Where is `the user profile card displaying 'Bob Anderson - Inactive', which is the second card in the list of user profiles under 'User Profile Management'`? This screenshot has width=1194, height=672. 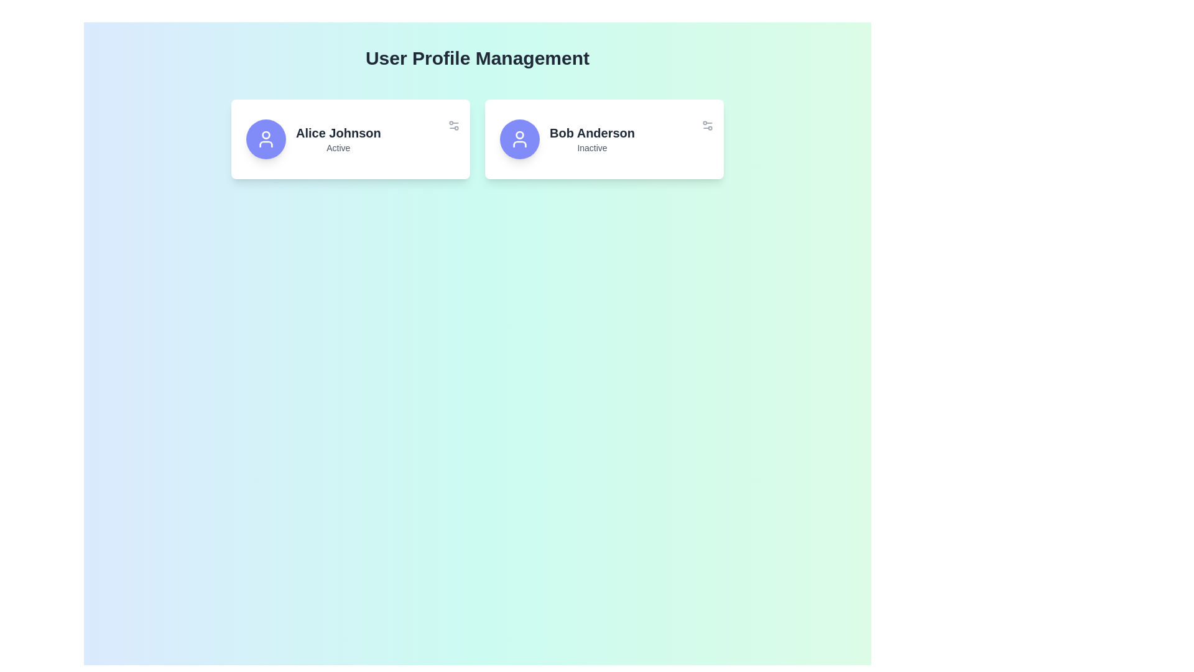
the user profile card displaying 'Bob Anderson - Inactive', which is the second card in the list of user profiles under 'User Profile Management' is located at coordinates (604, 139).